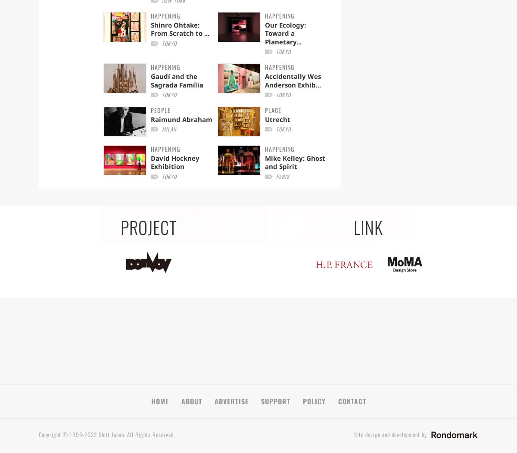  I want to click on 'paris', so click(283, 176).